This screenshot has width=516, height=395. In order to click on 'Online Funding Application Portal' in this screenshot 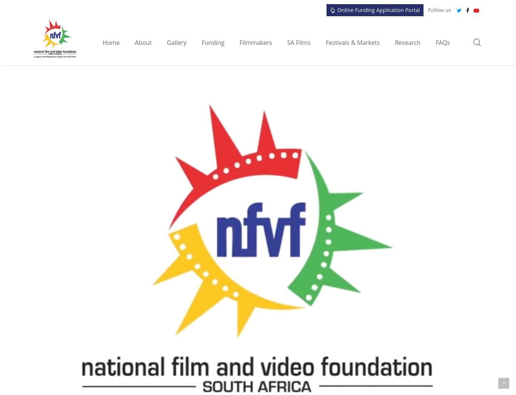, I will do `click(337, 9)`.